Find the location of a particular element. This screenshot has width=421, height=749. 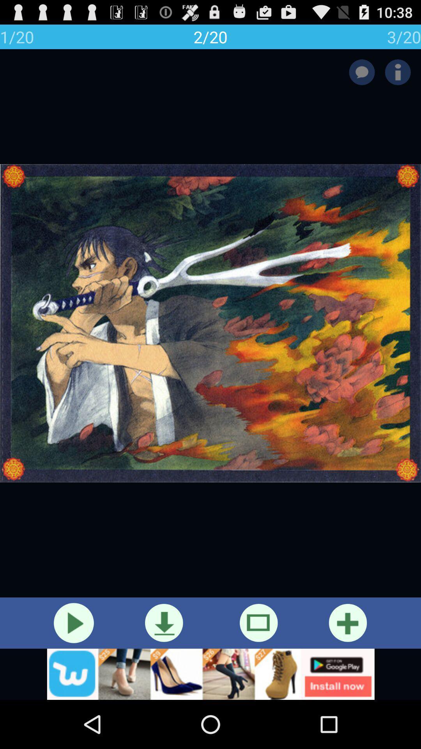

the info icon is located at coordinates (398, 77).